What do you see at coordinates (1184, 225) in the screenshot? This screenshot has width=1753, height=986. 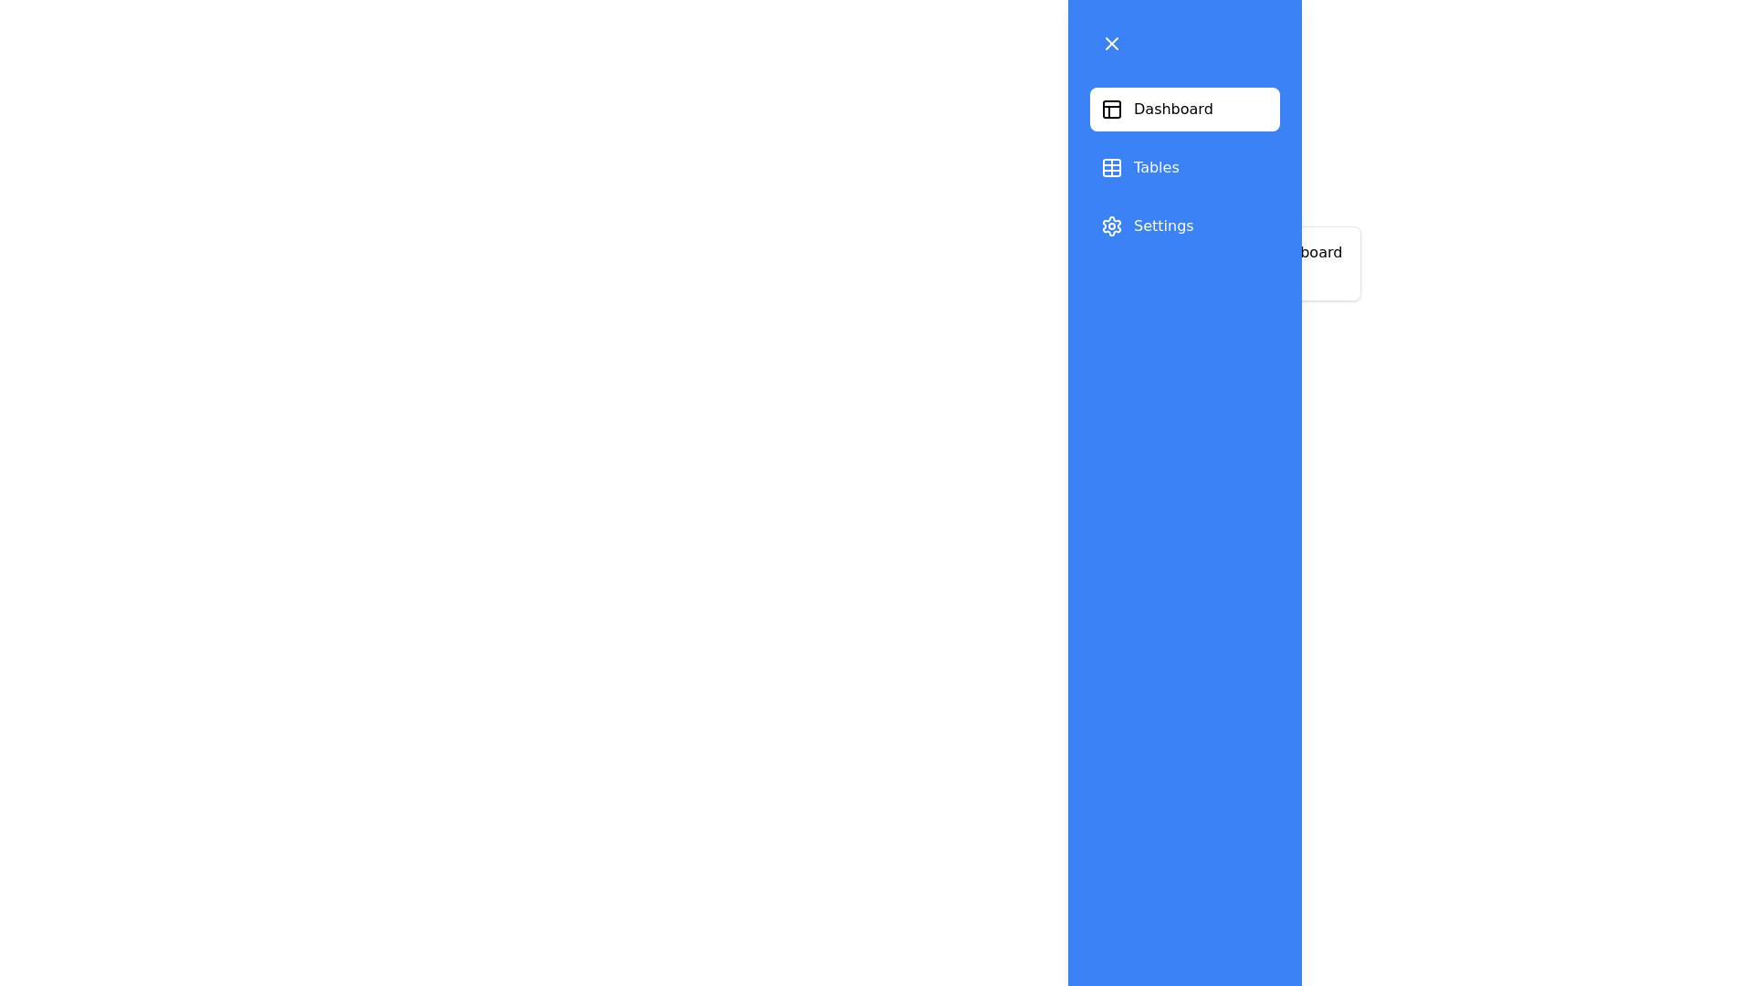 I see `the section labeled 'Settings' to observe the hover effect` at bounding box center [1184, 225].